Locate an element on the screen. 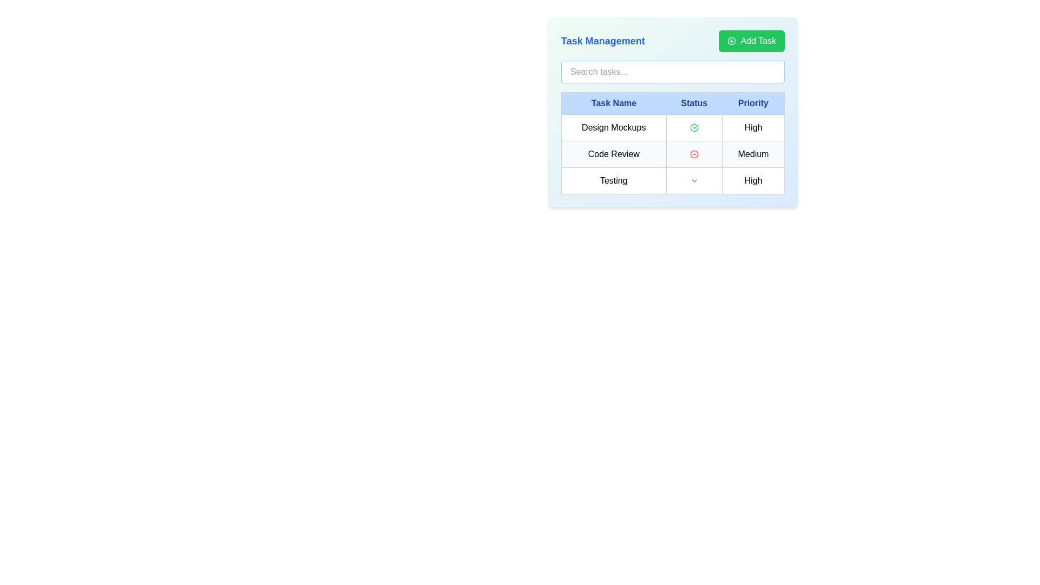 Image resolution: width=1040 pixels, height=585 pixels. the dropdown trigger in the second column of the row corresponding to 'Testing' is located at coordinates (694, 180).